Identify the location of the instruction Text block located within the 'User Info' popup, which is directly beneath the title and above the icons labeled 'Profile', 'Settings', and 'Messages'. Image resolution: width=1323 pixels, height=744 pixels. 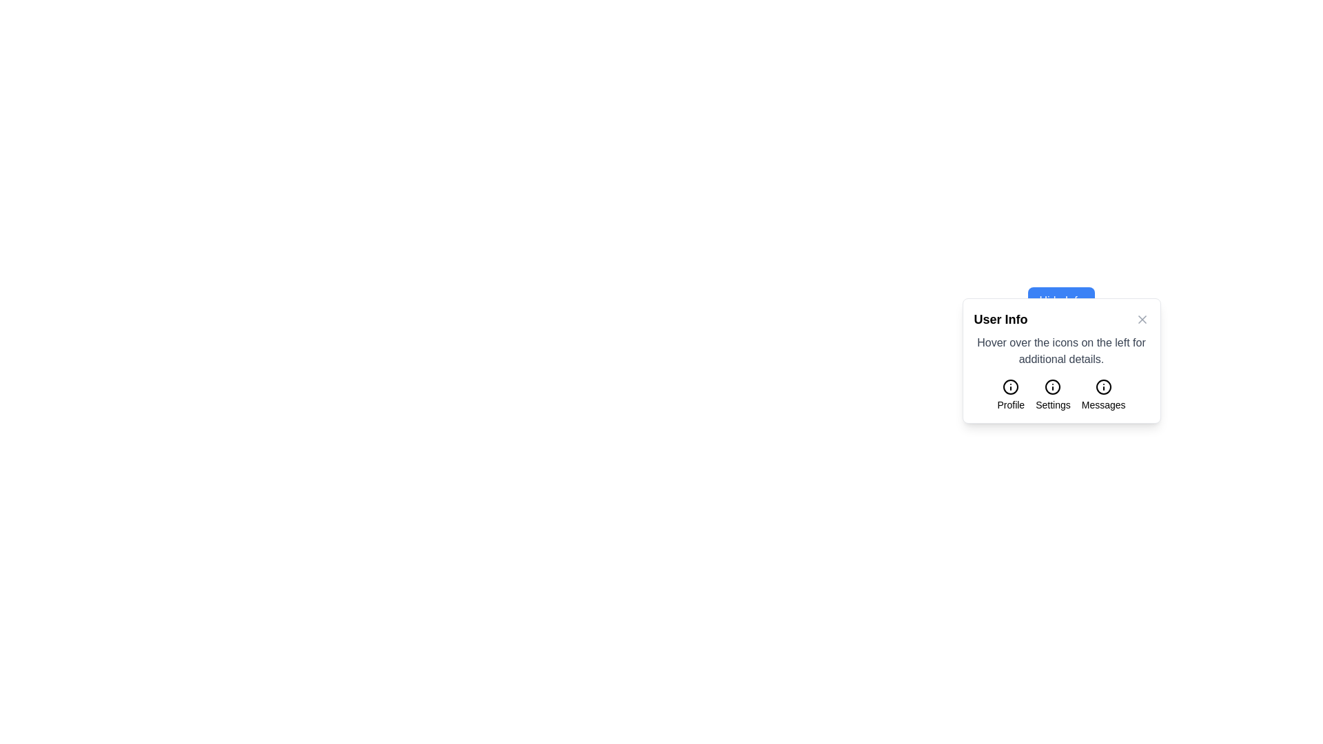
(1060, 350).